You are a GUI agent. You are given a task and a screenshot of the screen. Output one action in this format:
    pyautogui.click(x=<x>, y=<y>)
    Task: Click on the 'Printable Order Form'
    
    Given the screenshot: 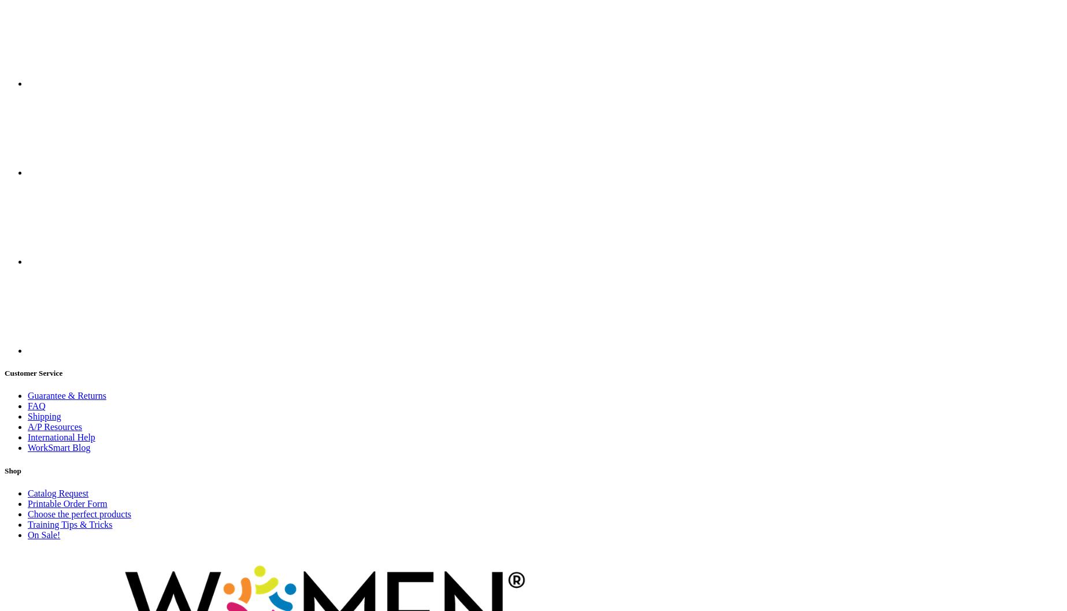 What is the action you would take?
    pyautogui.click(x=67, y=502)
    